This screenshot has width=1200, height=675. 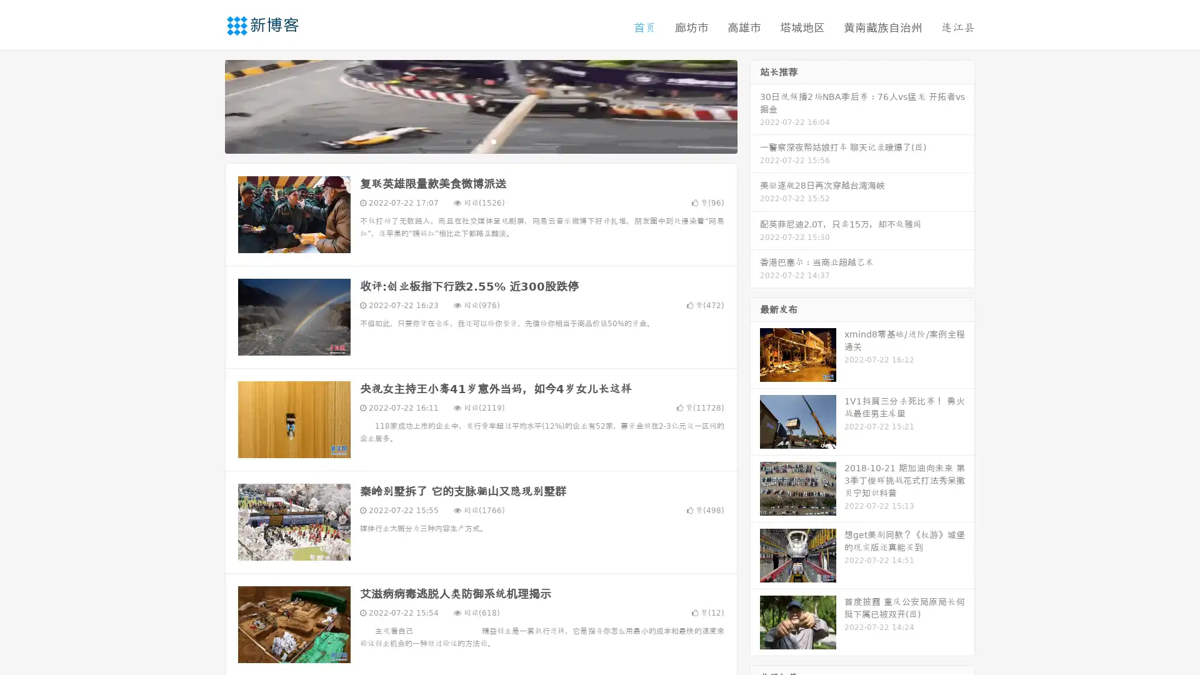 What do you see at coordinates (493, 141) in the screenshot?
I see `Go to slide 3` at bounding box center [493, 141].